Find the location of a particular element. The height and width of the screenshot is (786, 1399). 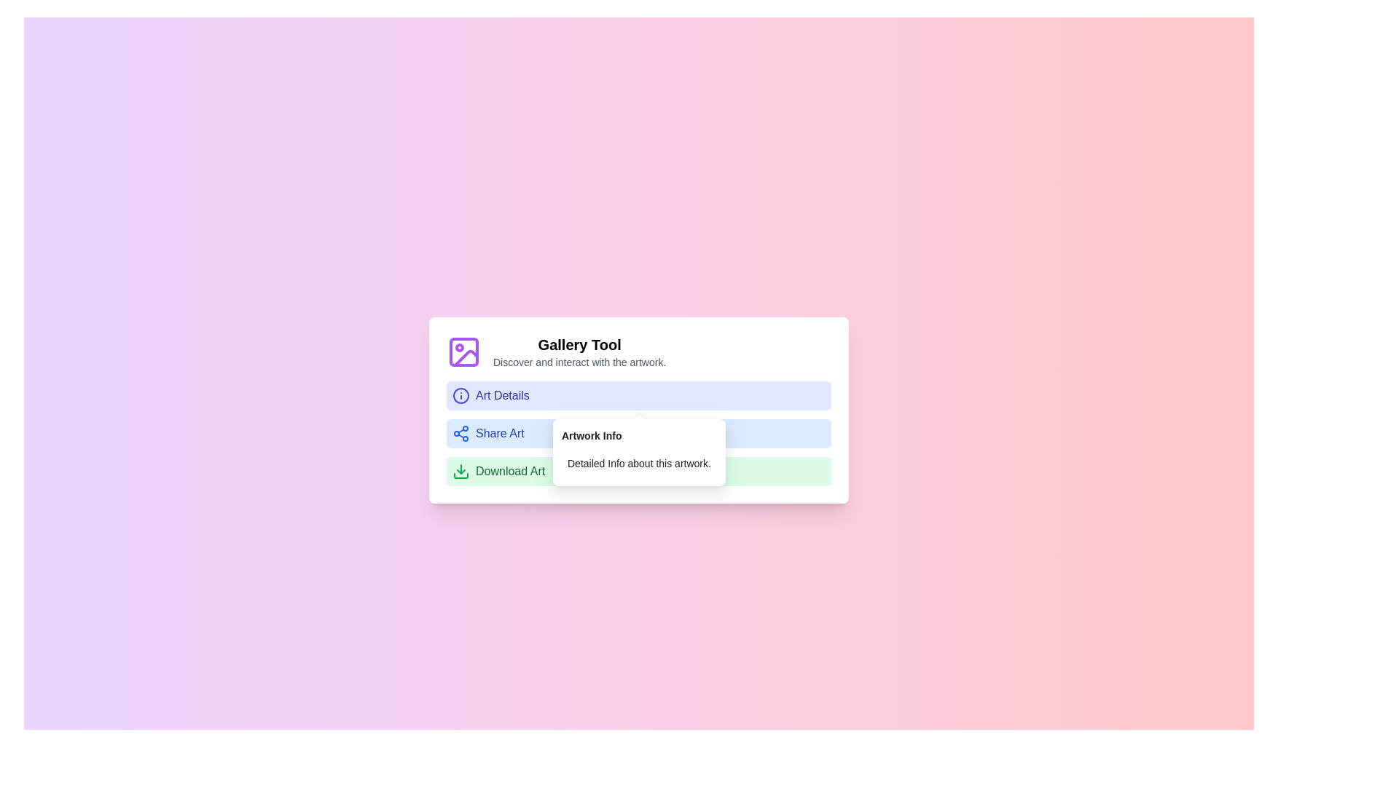

the bottom horizontal rectangular line of the download icon, which is the bottommost graphical component of the SVG is located at coordinates (461, 476).